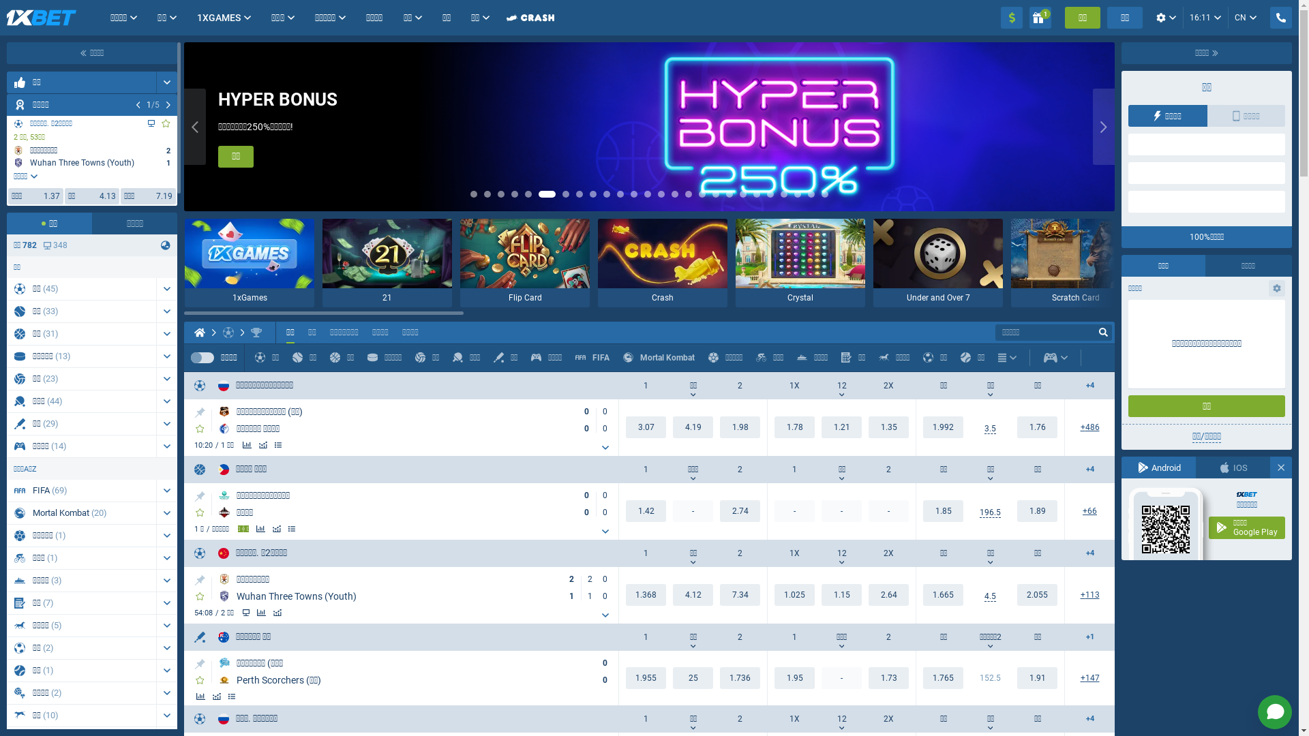  What do you see at coordinates (1089, 637) in the screenshot?
I see `'+1'` at bounding box center [1089, 637].